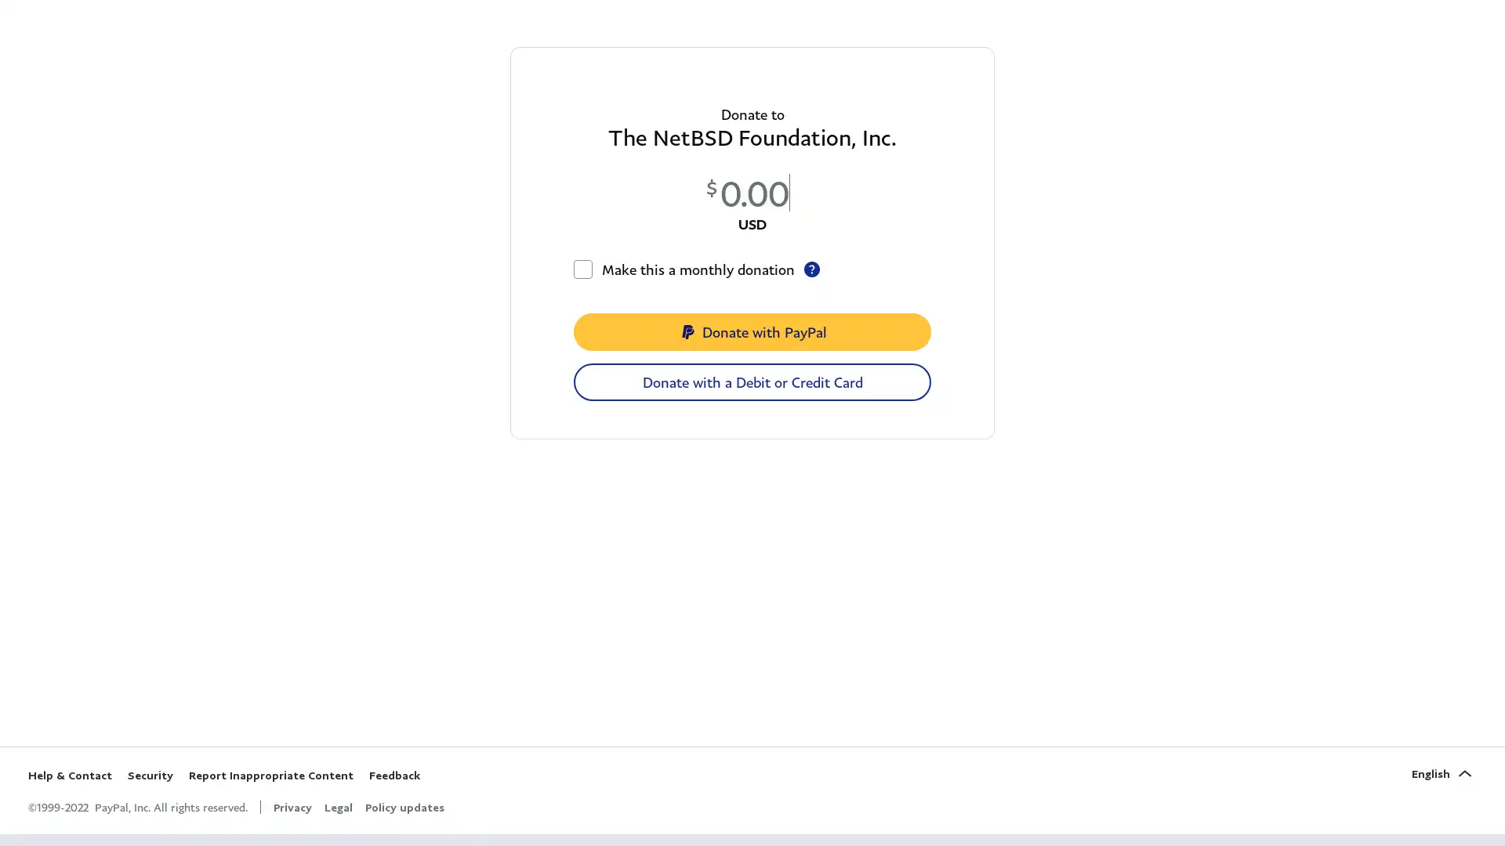 The image size is (1505, 846). I want to click on Yes, Accept Cookies, so click(900, 796).